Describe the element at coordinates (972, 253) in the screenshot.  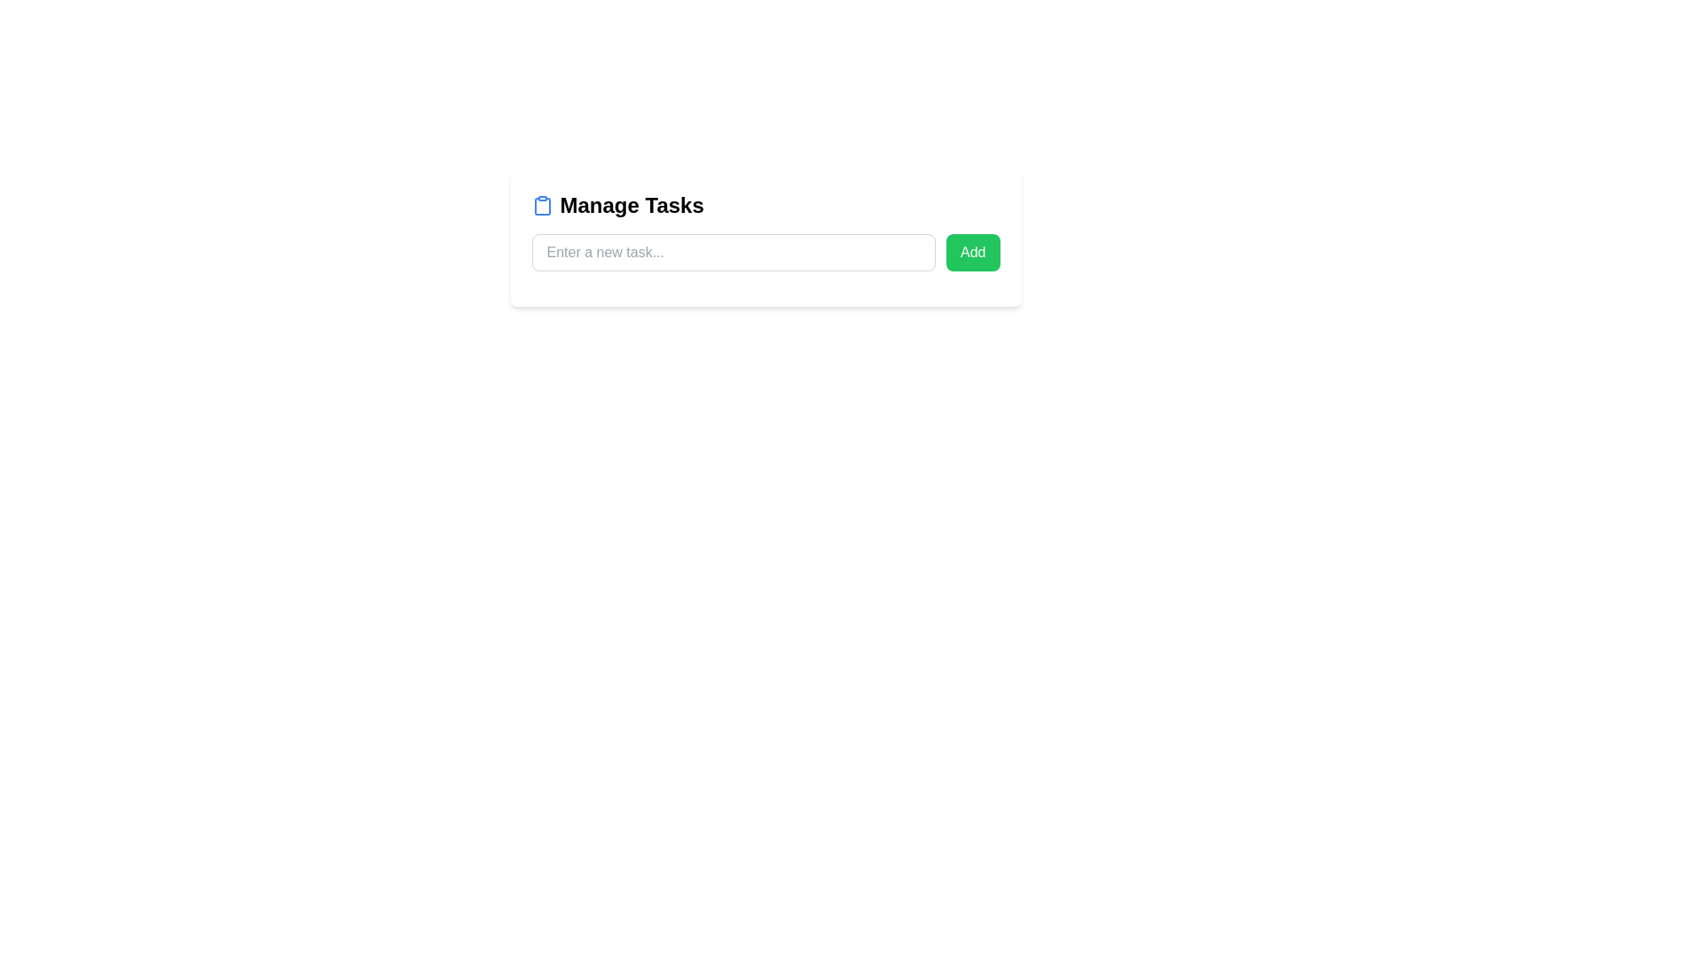
I see `the green 'Add' button located to the right of the input field with the placeholder 'Enter a new task...'` at that location.